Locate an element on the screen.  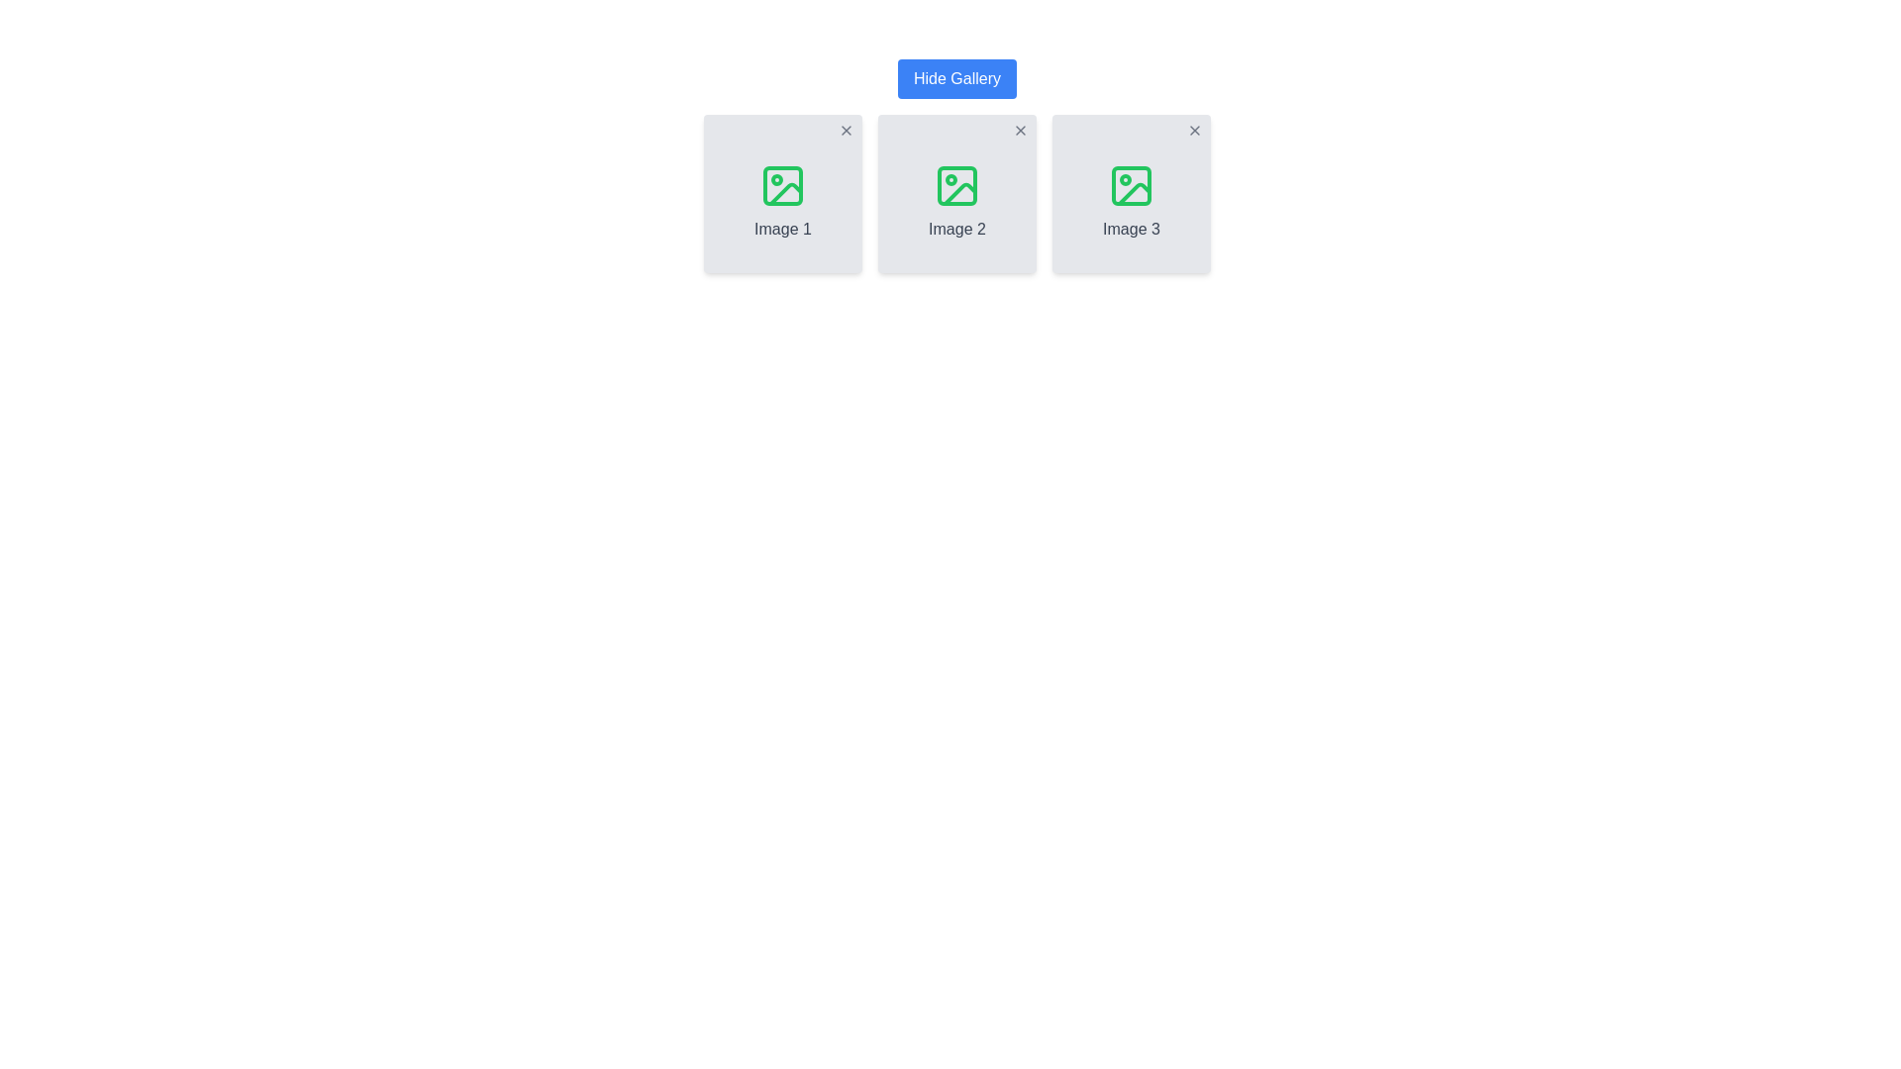
the icon representing an image placeholder located centrally in the third card from the left, above the label 'Image 3' is located at coordinates (1131, 186).